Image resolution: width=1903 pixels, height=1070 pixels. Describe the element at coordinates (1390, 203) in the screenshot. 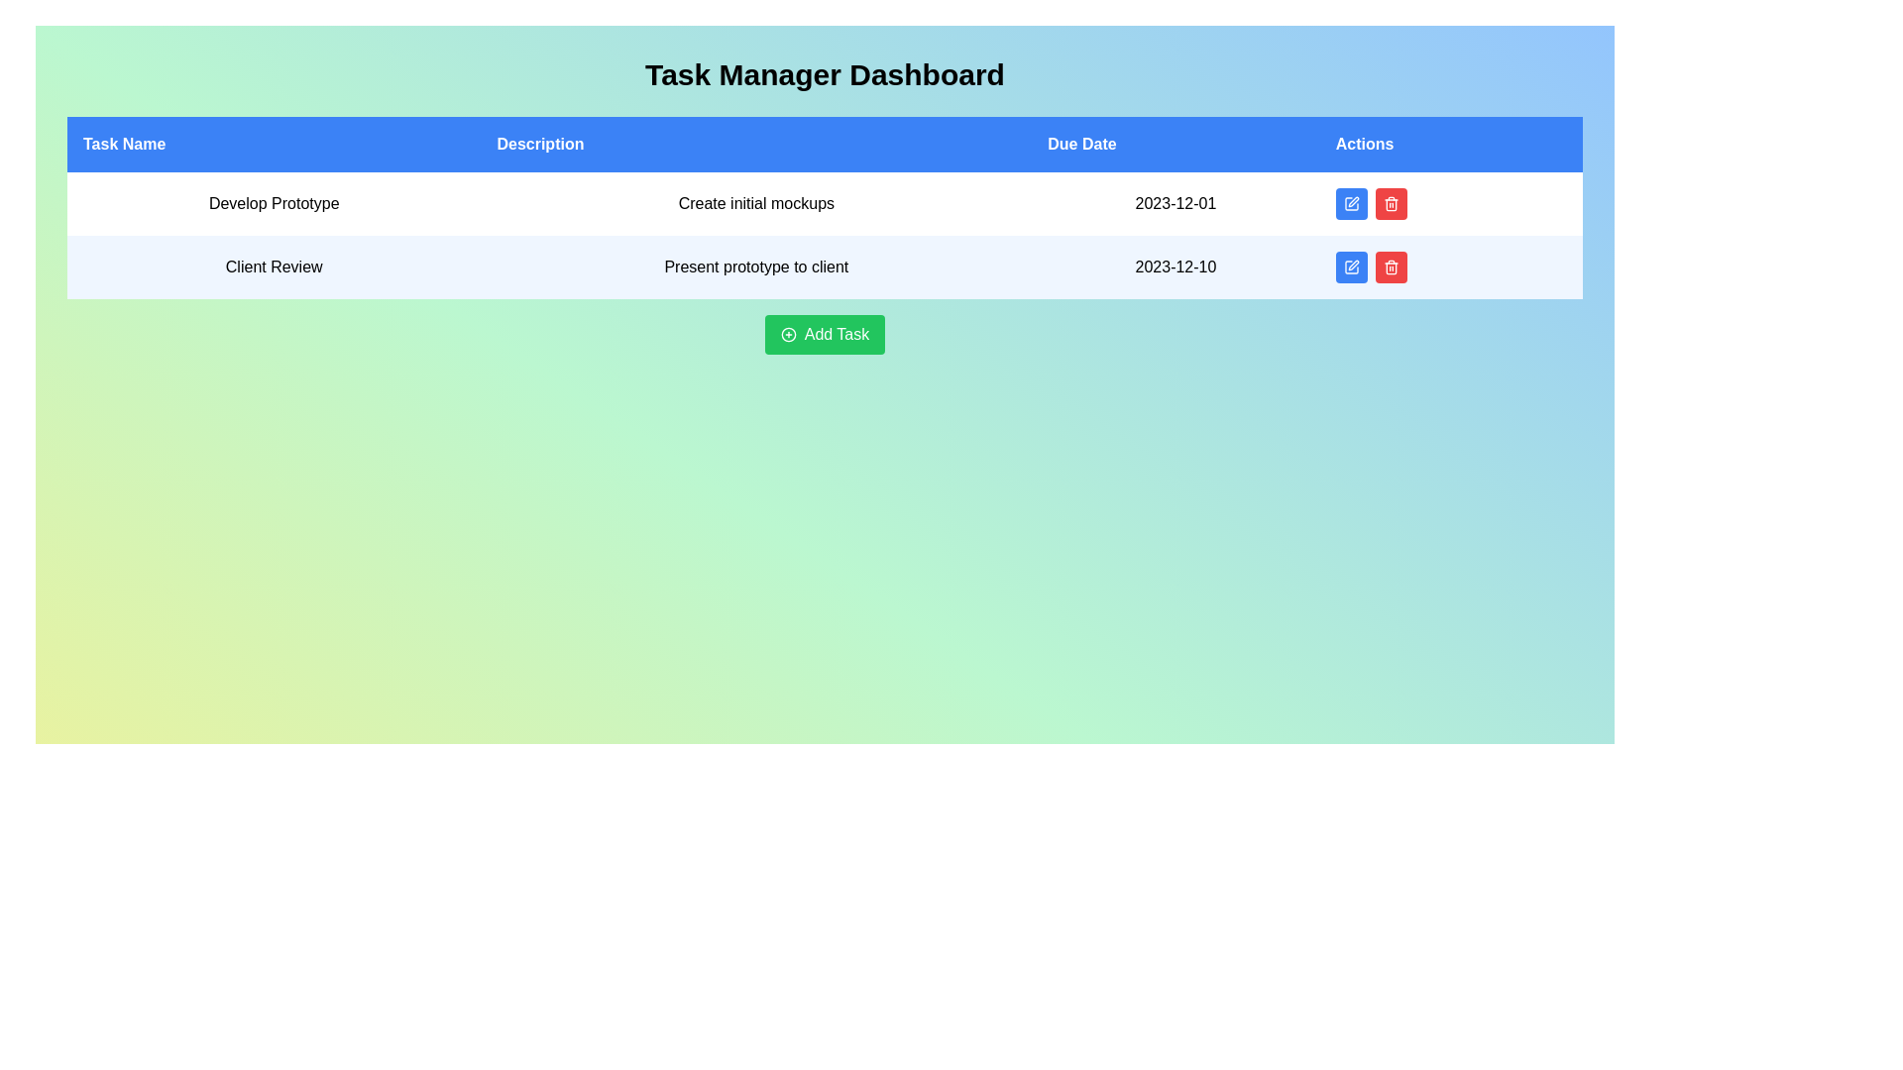

I see `the trash icon button in the 'Actions' column of the second task row` at that location.